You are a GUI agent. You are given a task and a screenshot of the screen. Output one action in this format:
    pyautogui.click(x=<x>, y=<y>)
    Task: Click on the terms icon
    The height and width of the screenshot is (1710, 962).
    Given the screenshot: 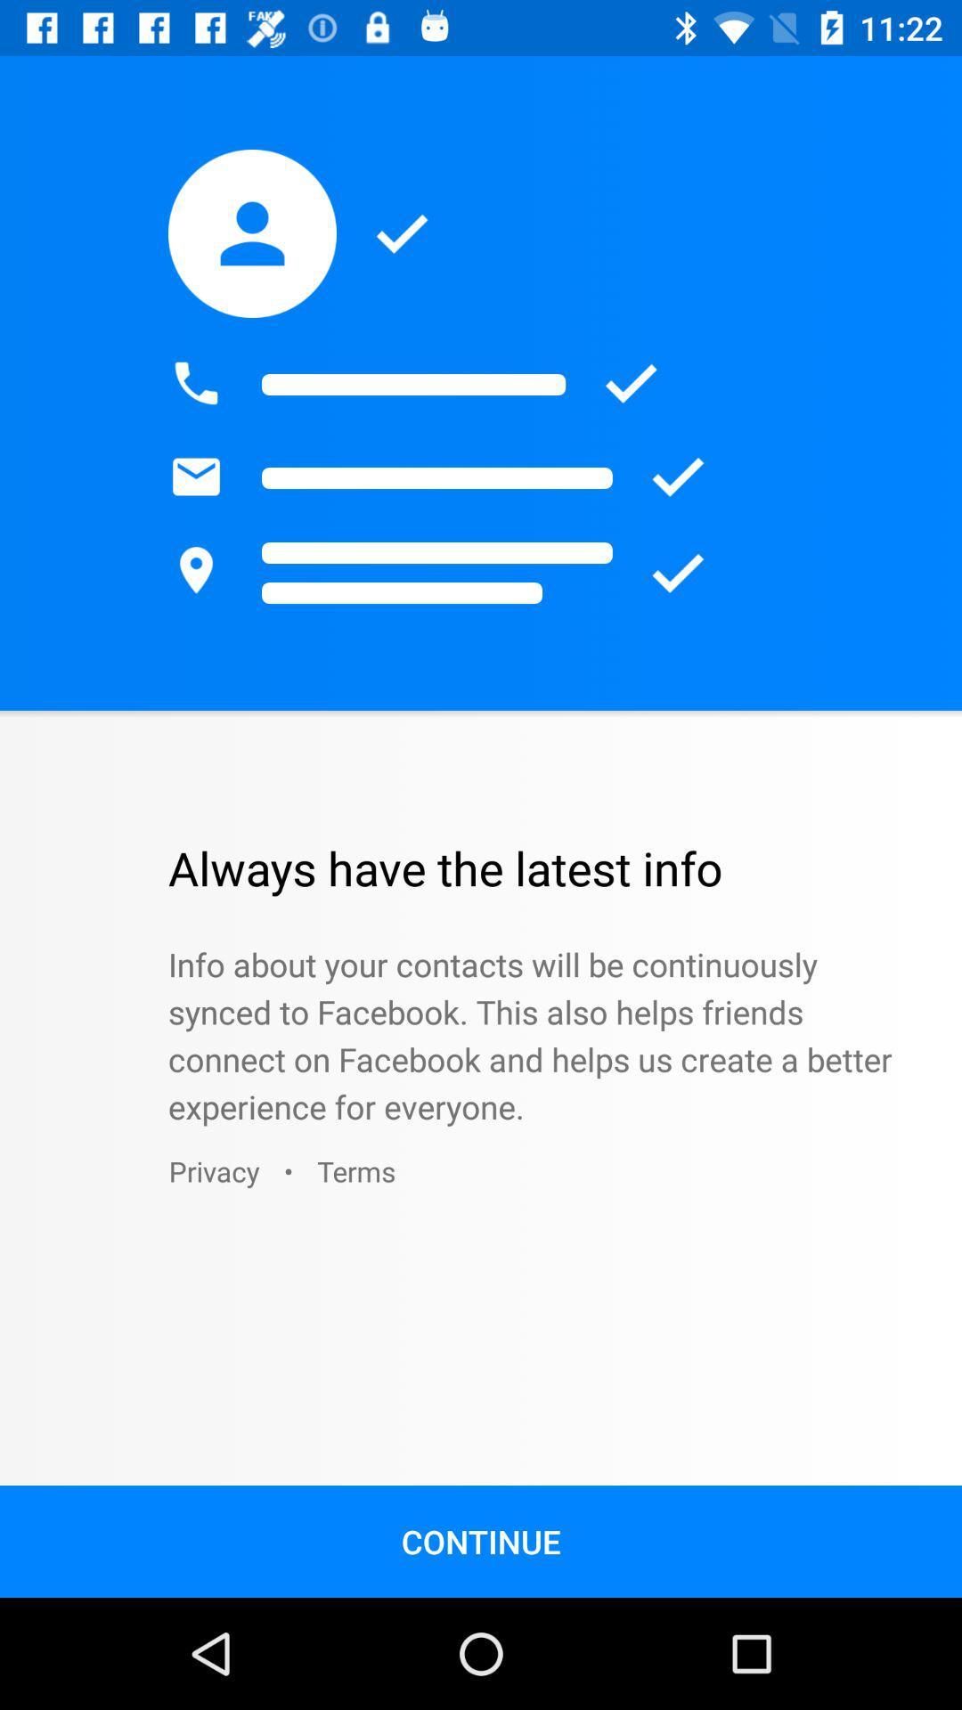 What is the action you would take?
    pyautogui.click(x=356, y=1171)
    